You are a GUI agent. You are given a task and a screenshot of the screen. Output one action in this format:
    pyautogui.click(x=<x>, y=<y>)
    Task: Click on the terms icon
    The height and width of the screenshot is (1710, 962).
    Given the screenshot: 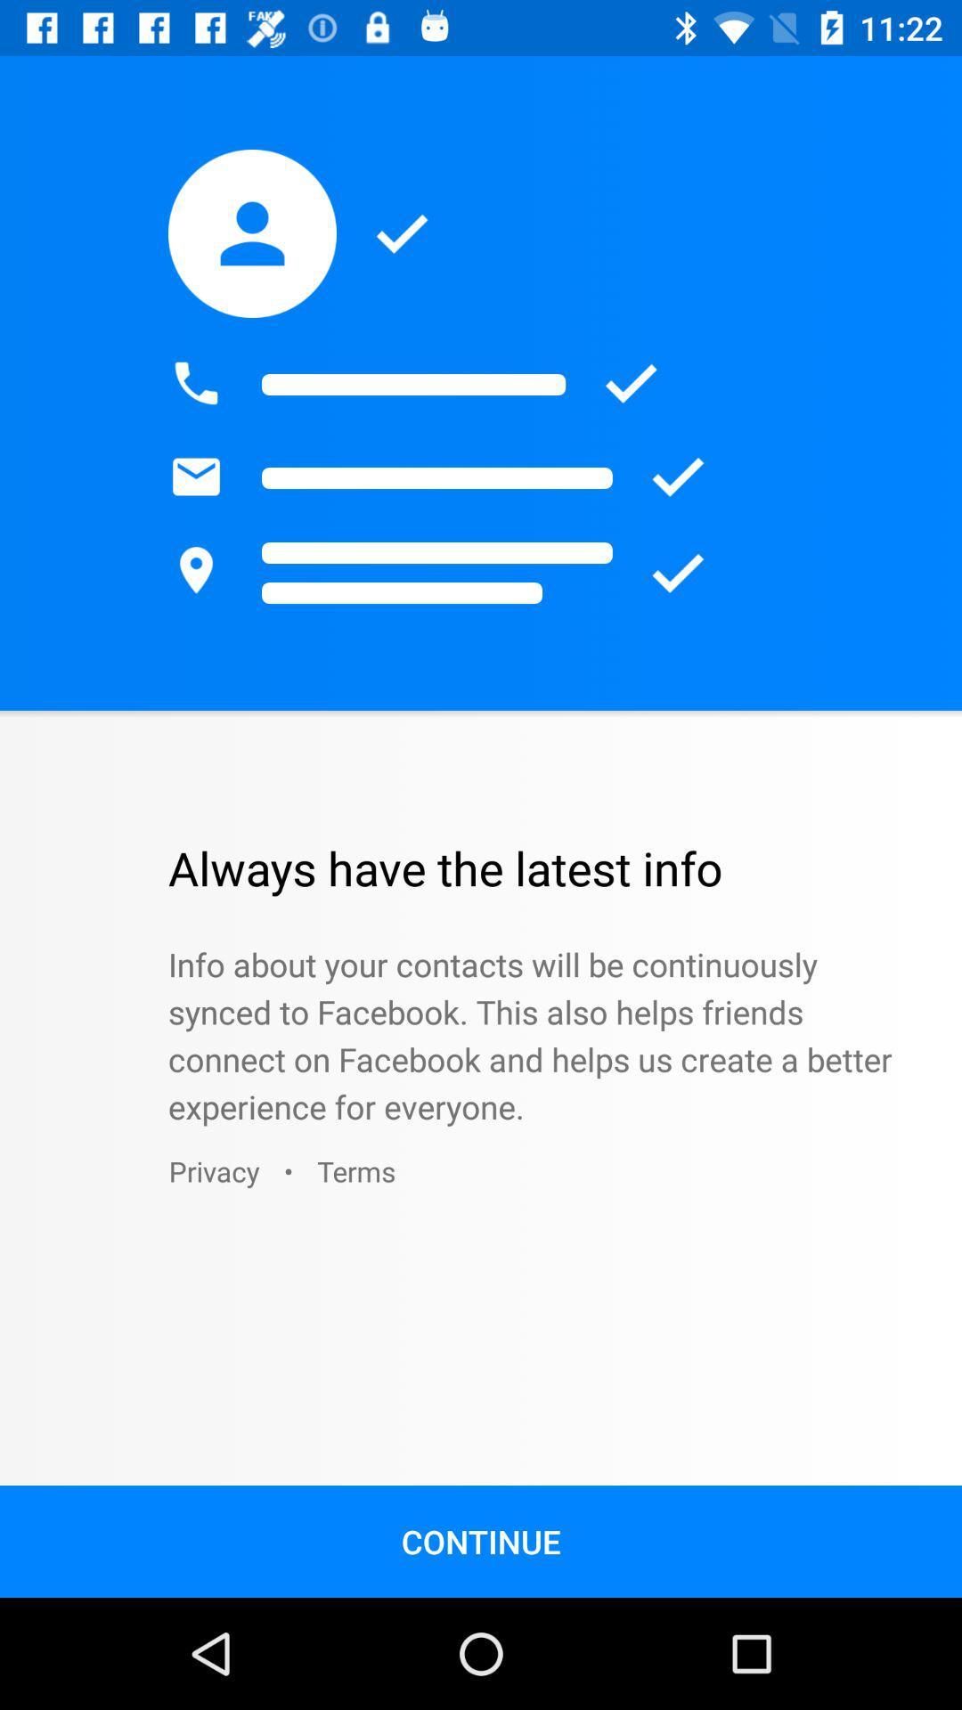 What is the action you would take?
    pyautogui.click(x=356, y=1171)
    